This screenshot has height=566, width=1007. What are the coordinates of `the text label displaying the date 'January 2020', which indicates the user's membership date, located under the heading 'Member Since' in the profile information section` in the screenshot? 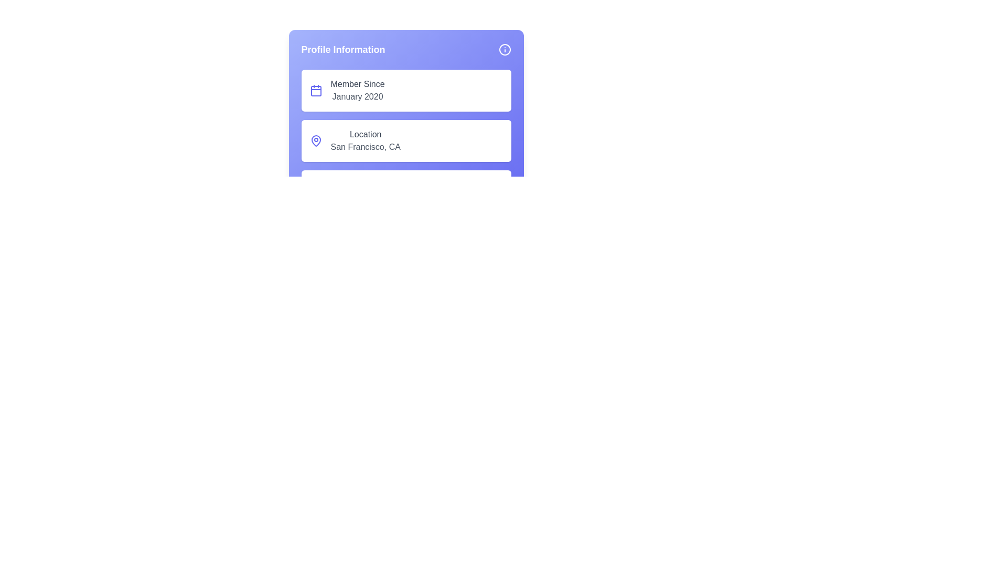 It's located at (358, 97).